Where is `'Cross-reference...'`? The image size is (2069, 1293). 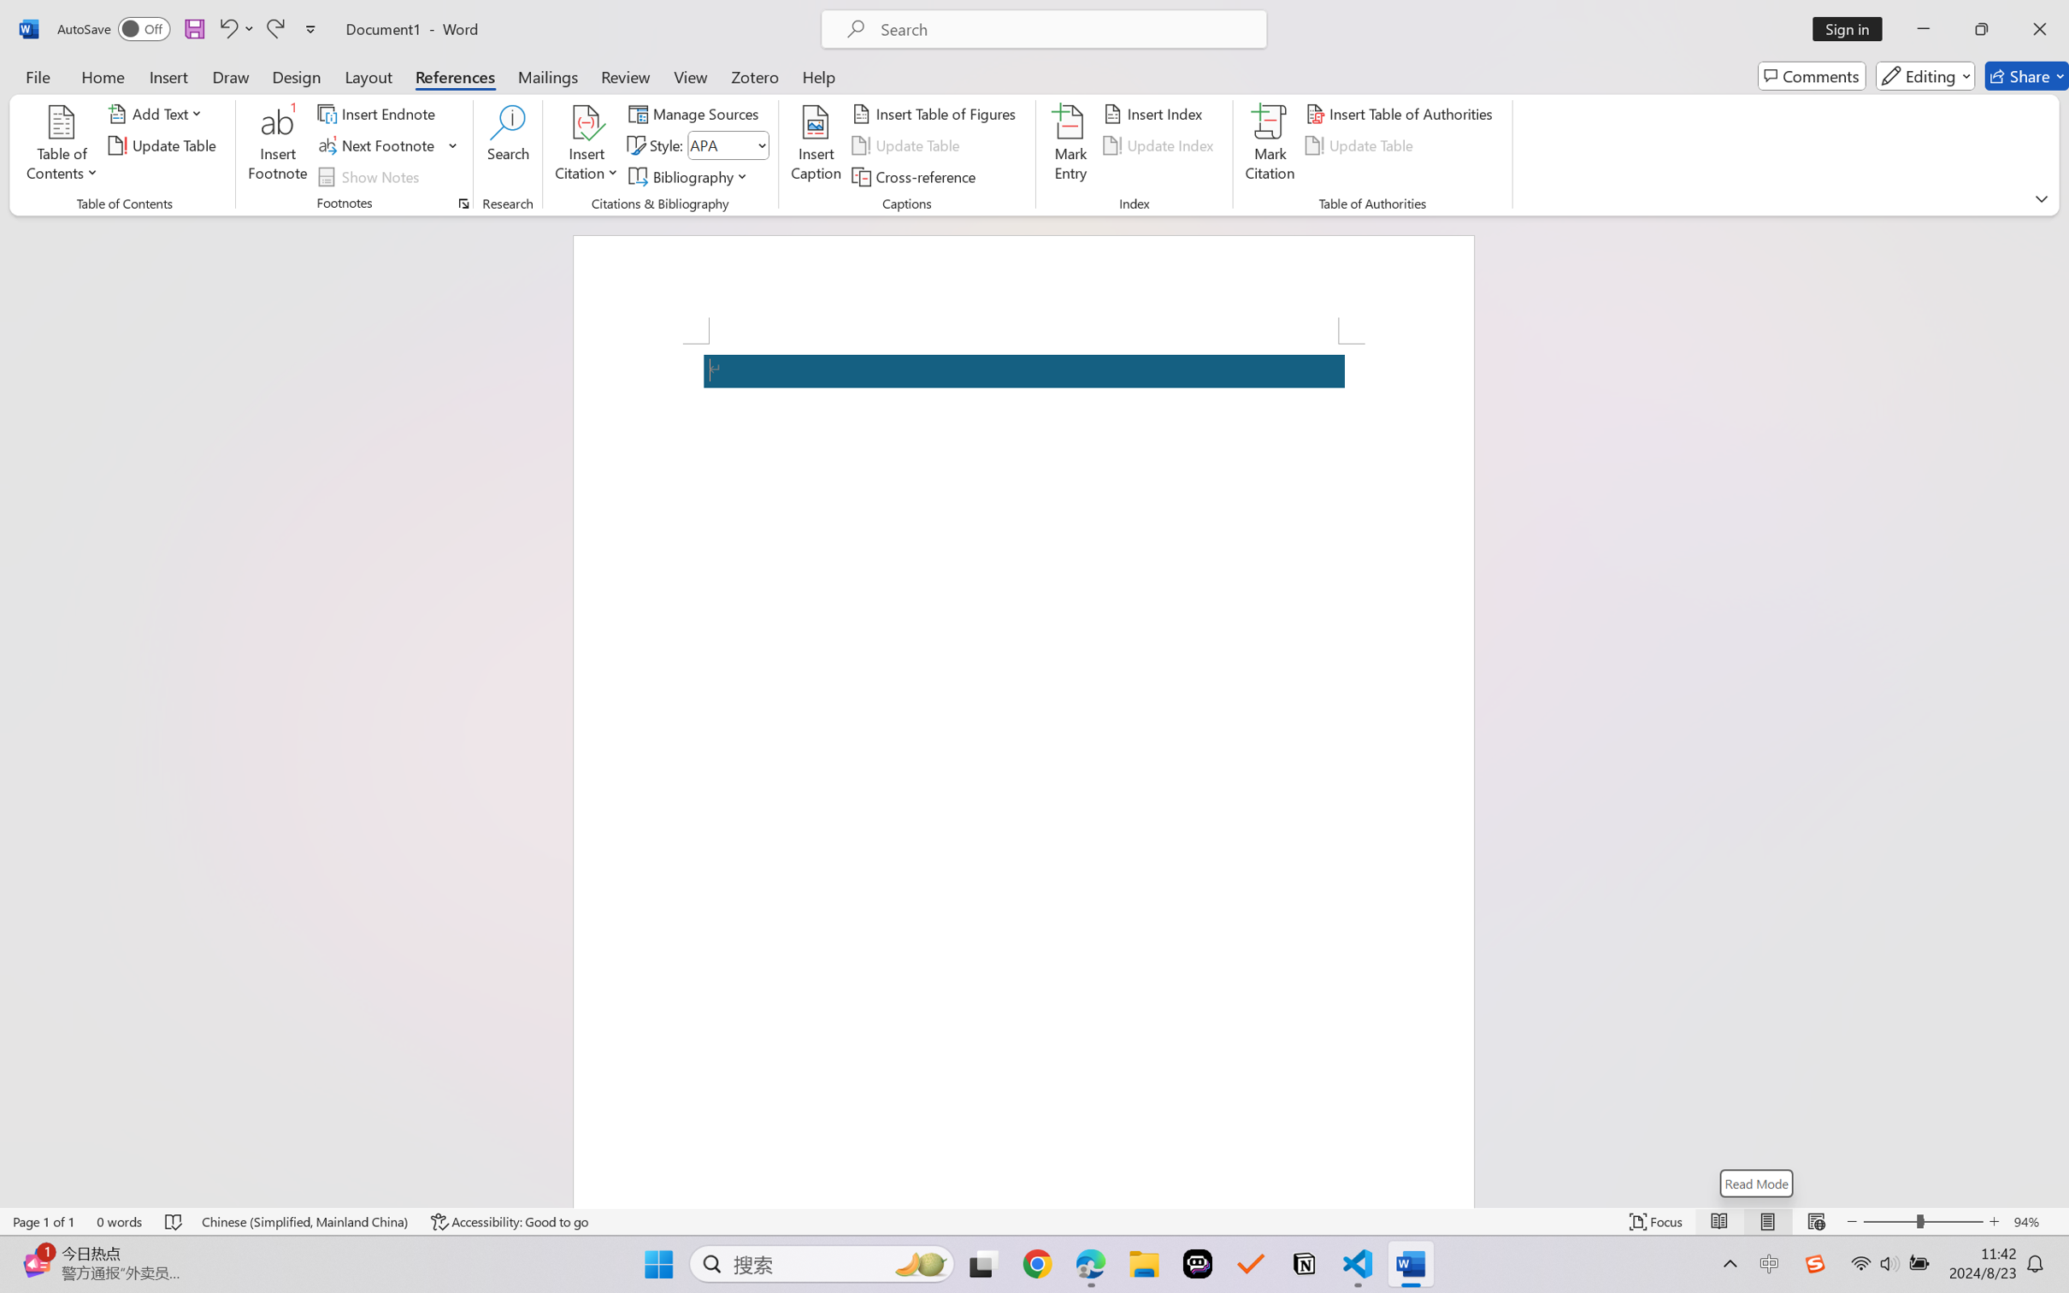
'Cross-reference...' is located at coordinates (917, 177).